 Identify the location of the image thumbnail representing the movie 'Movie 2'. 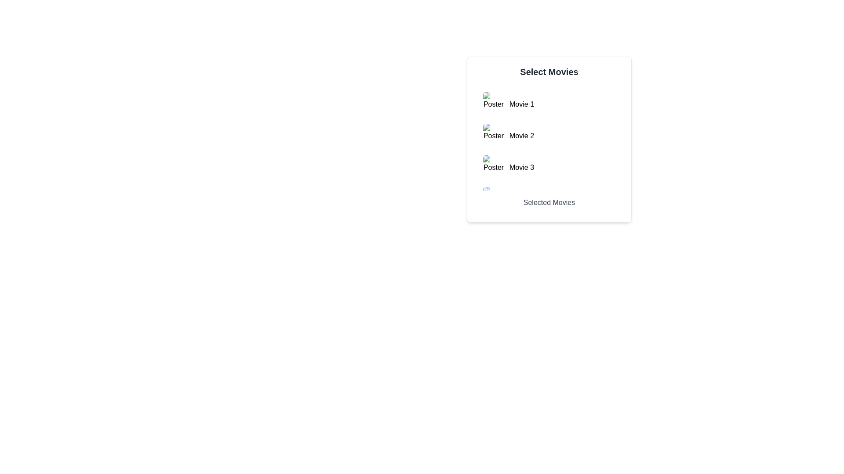
(494, 136).